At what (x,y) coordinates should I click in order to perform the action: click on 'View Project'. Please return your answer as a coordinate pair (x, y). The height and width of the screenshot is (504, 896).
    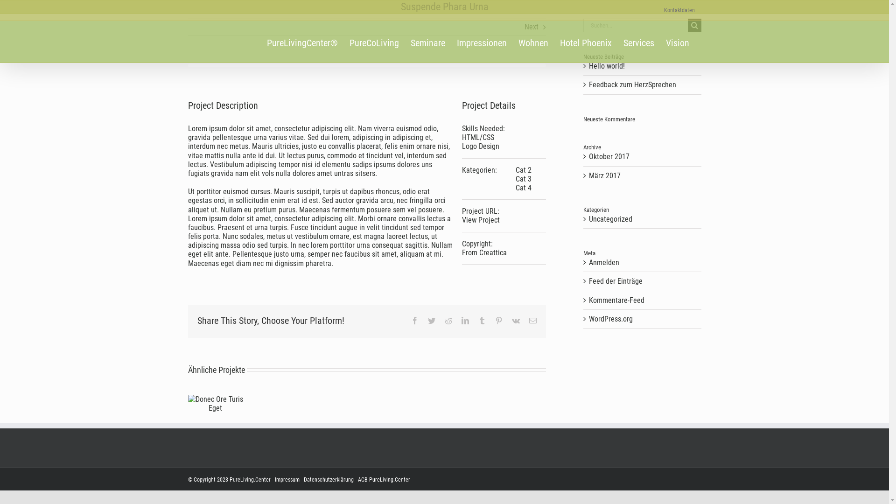
    Looking at the image, I should click on (481, 220).